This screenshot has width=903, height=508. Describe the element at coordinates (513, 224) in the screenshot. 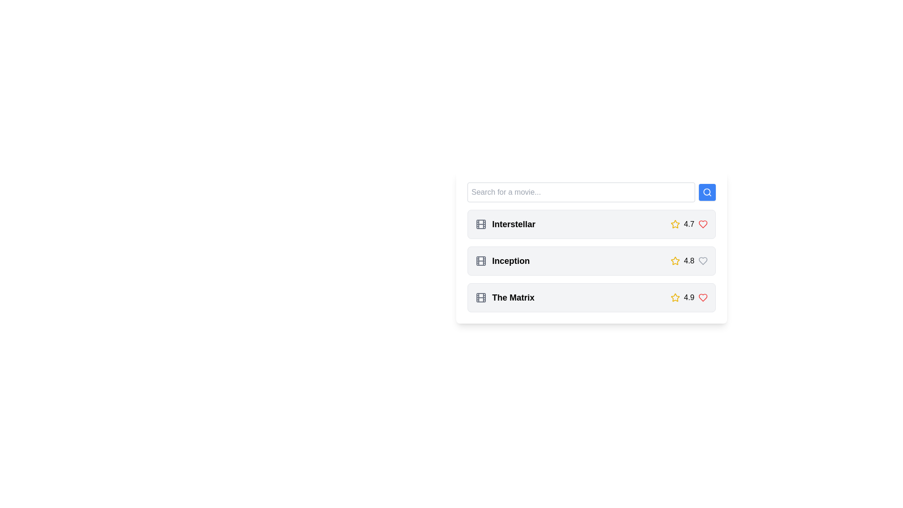

I see `text label 'Interstellar' which is the first item in a vertical list of movie entries, positioned below the search bar with a movie reel icon on the left and rating and heart icons on the right` at that location.